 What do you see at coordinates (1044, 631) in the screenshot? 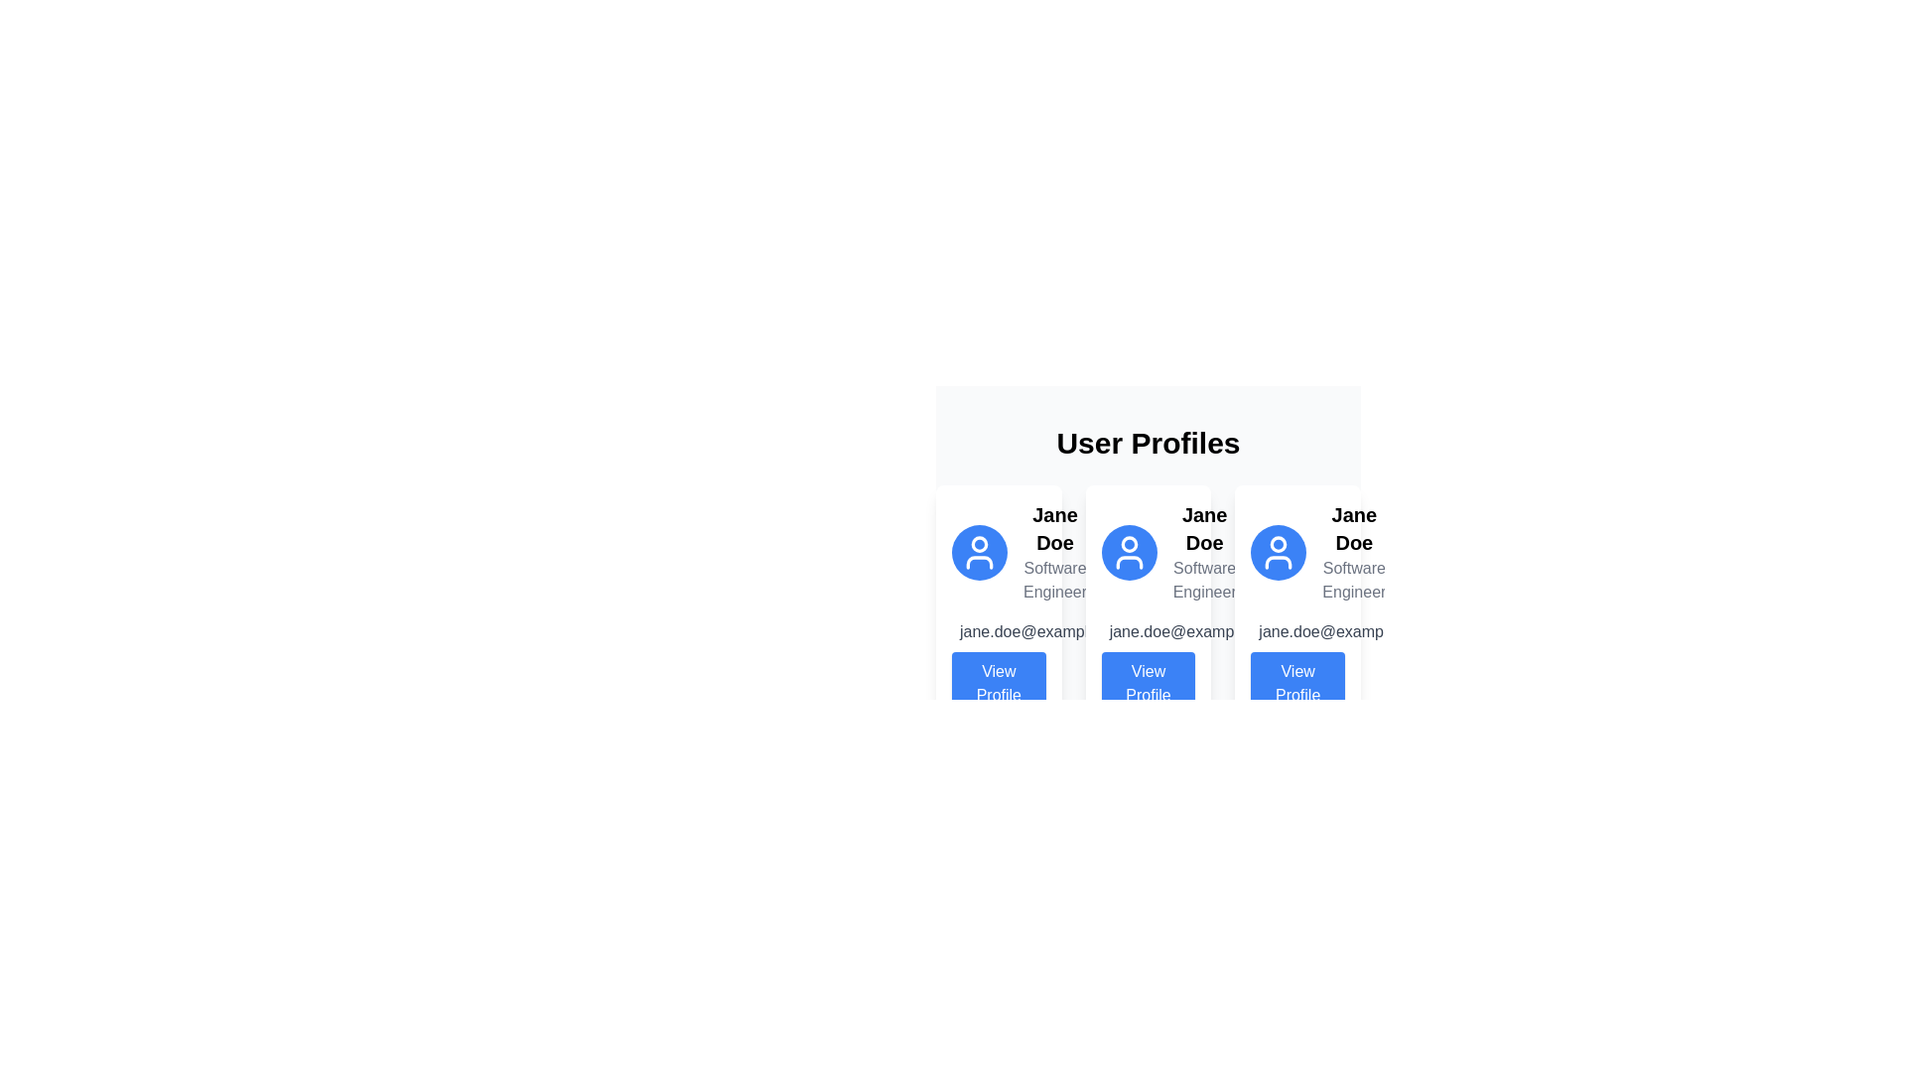
I see `the text label displaying 'jane.doe@example.com' located beneath the 'Software Engineer' subtitle and above the 'View Profile' button in the user profile card` at bounding box center [1044, 631].